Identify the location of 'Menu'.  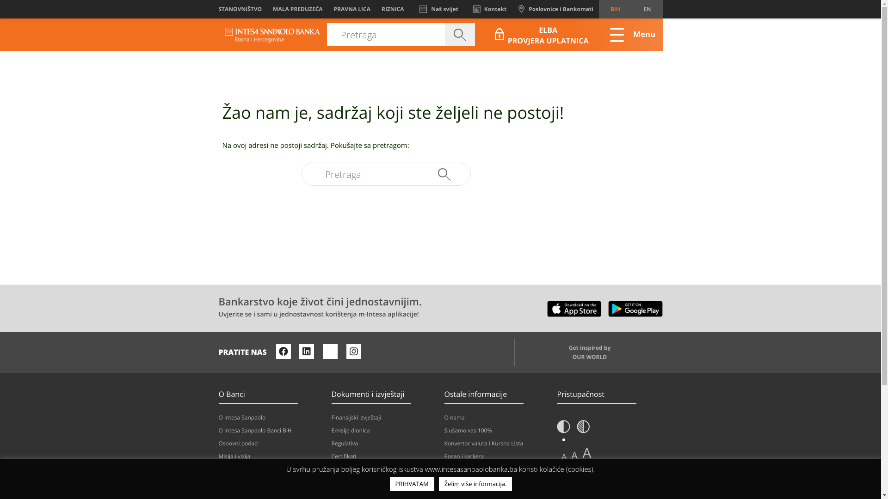
(592, 34).